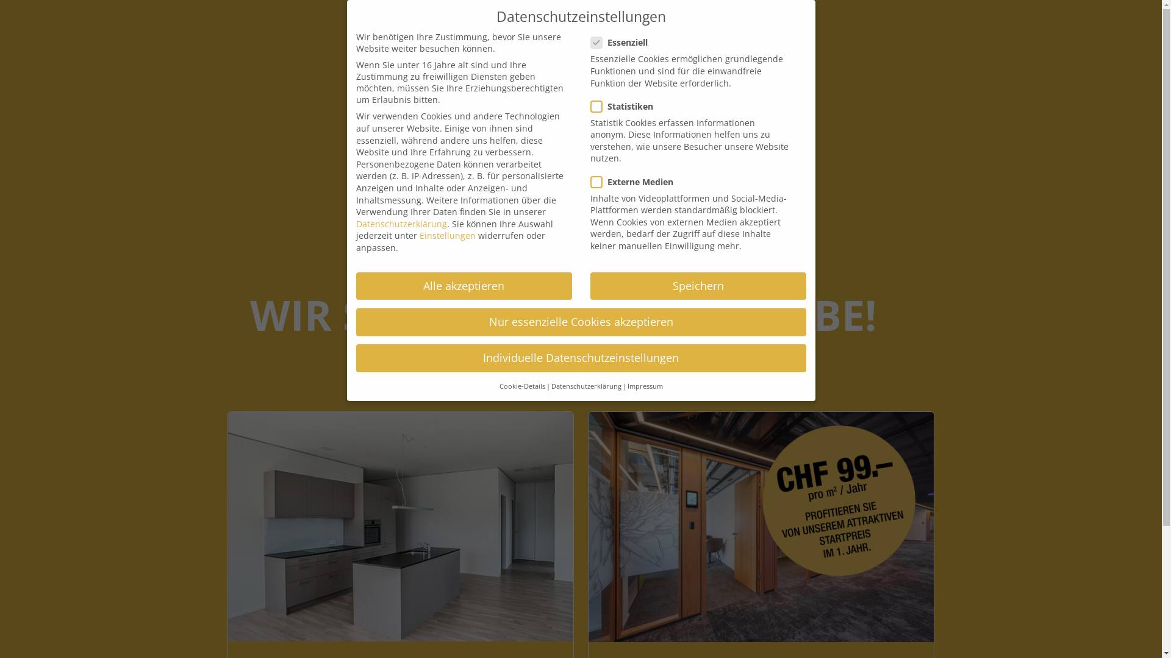  What do you see at coordinates (643, 386) in the screenshot?
I see `'Impressum'` at bounding box center [643, 386].